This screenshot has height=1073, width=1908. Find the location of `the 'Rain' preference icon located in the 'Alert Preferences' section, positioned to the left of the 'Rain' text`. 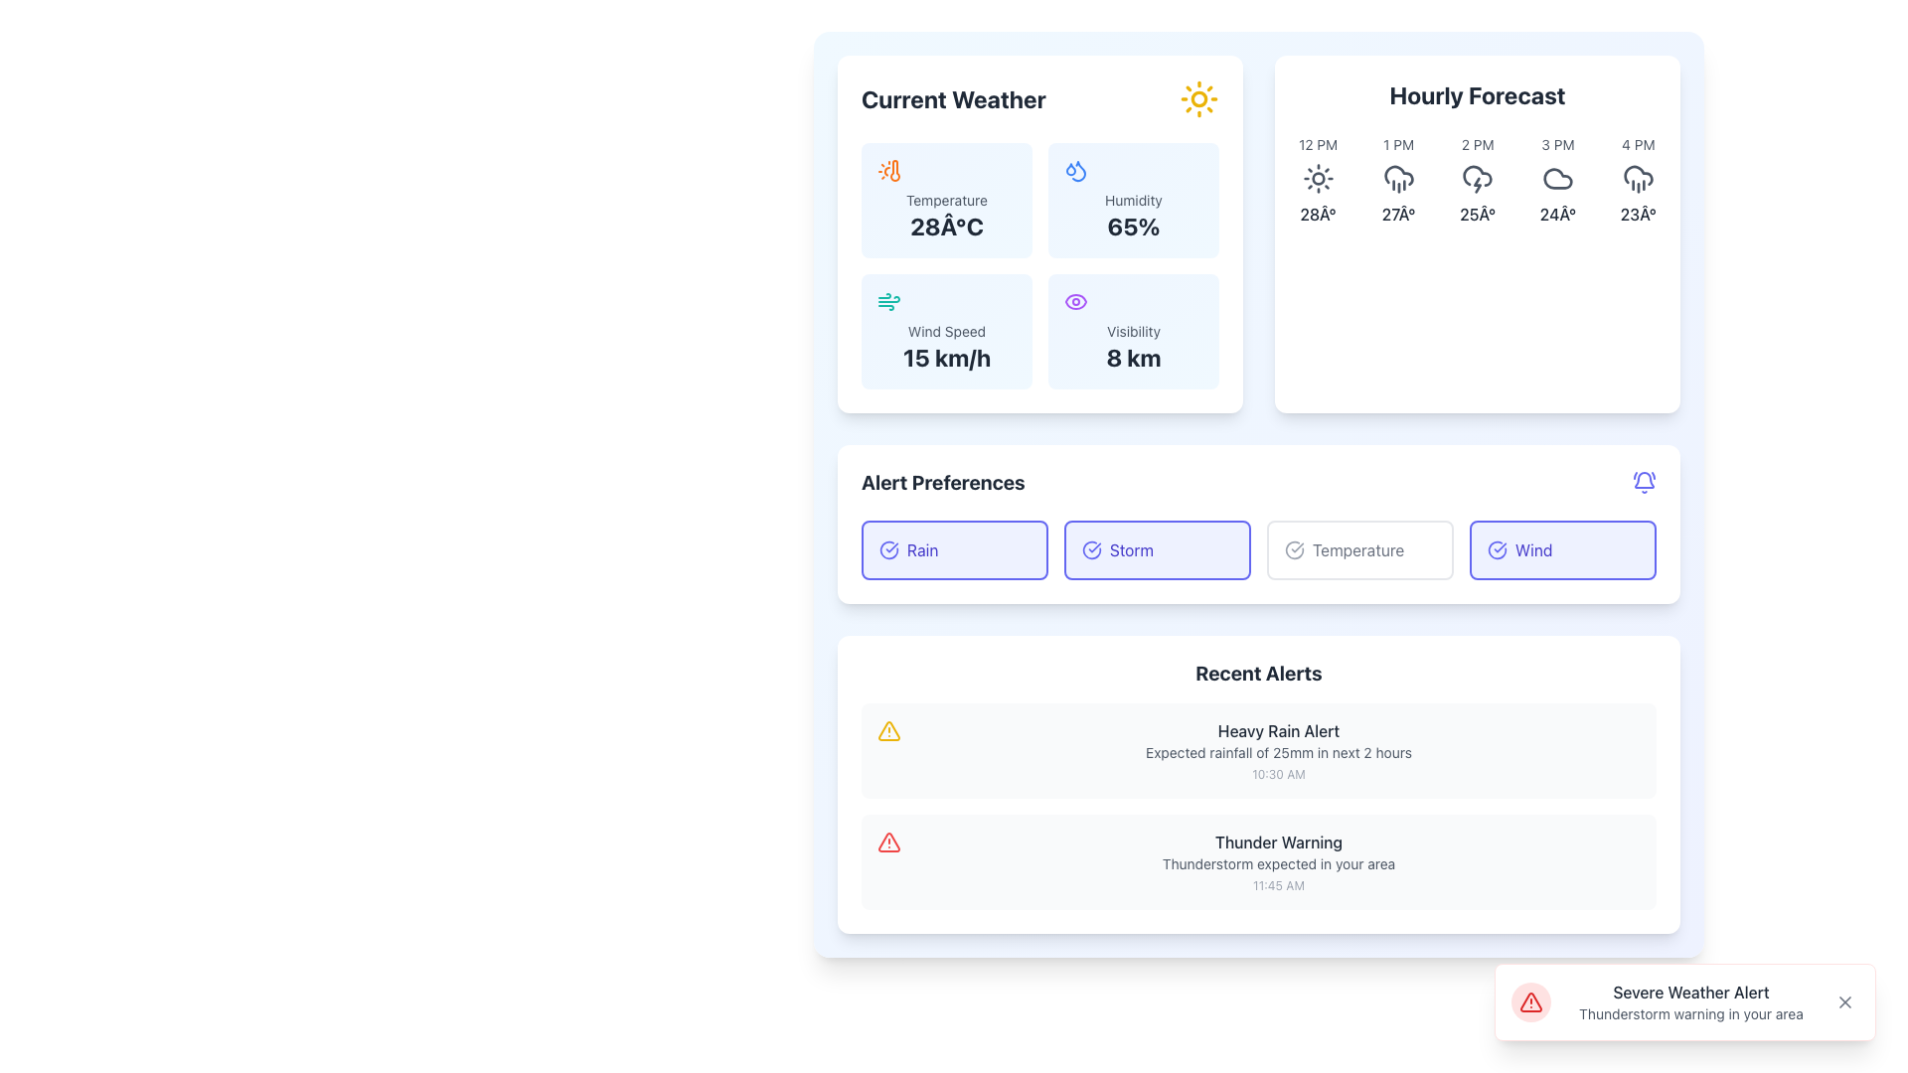

the 'Rain' preference icon located in the 'Alert Preferences' section, positioned to the left of the 'Rain' text is located at coordinates (887, 550).